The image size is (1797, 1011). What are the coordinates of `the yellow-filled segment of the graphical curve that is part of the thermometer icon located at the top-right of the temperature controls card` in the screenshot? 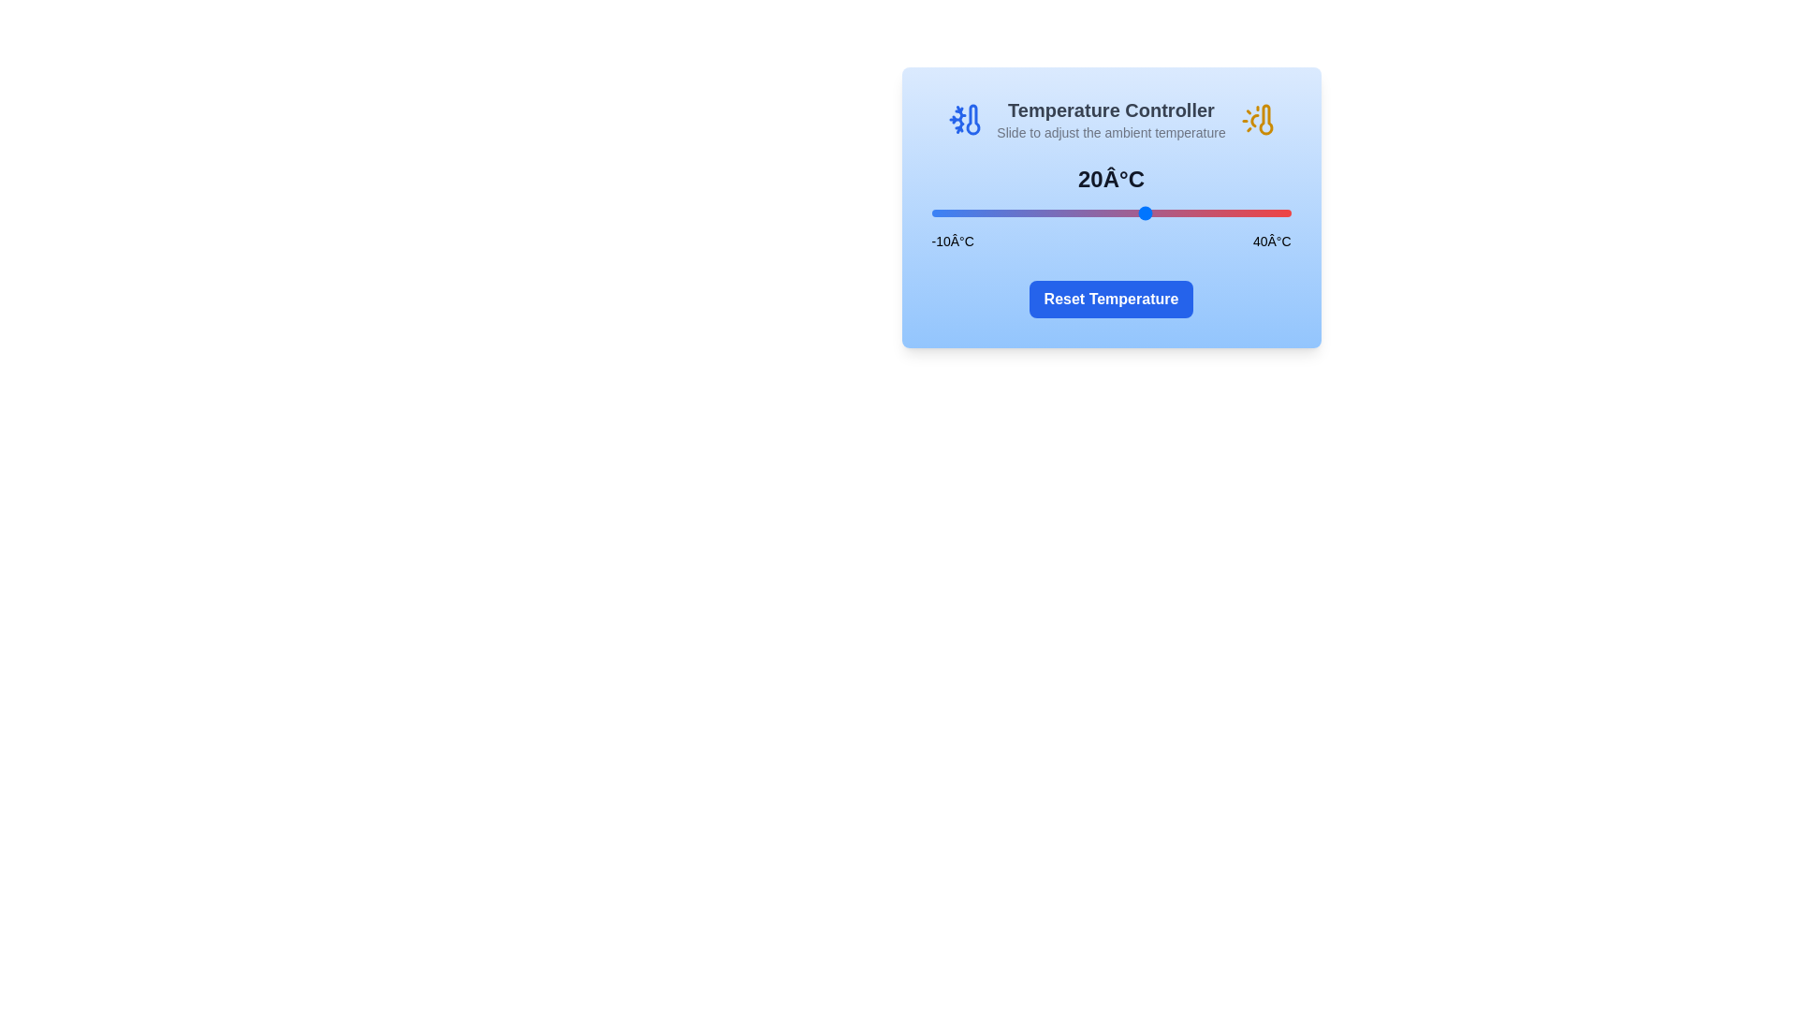 It's located at (1254, 121).